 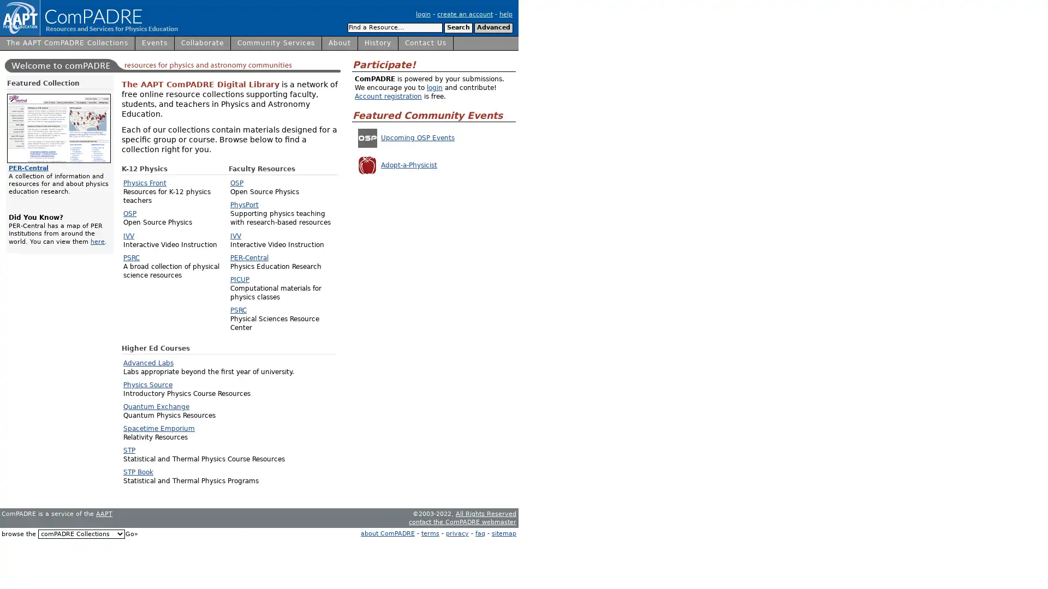 I want to click on Go, so click(x=131, y=533).